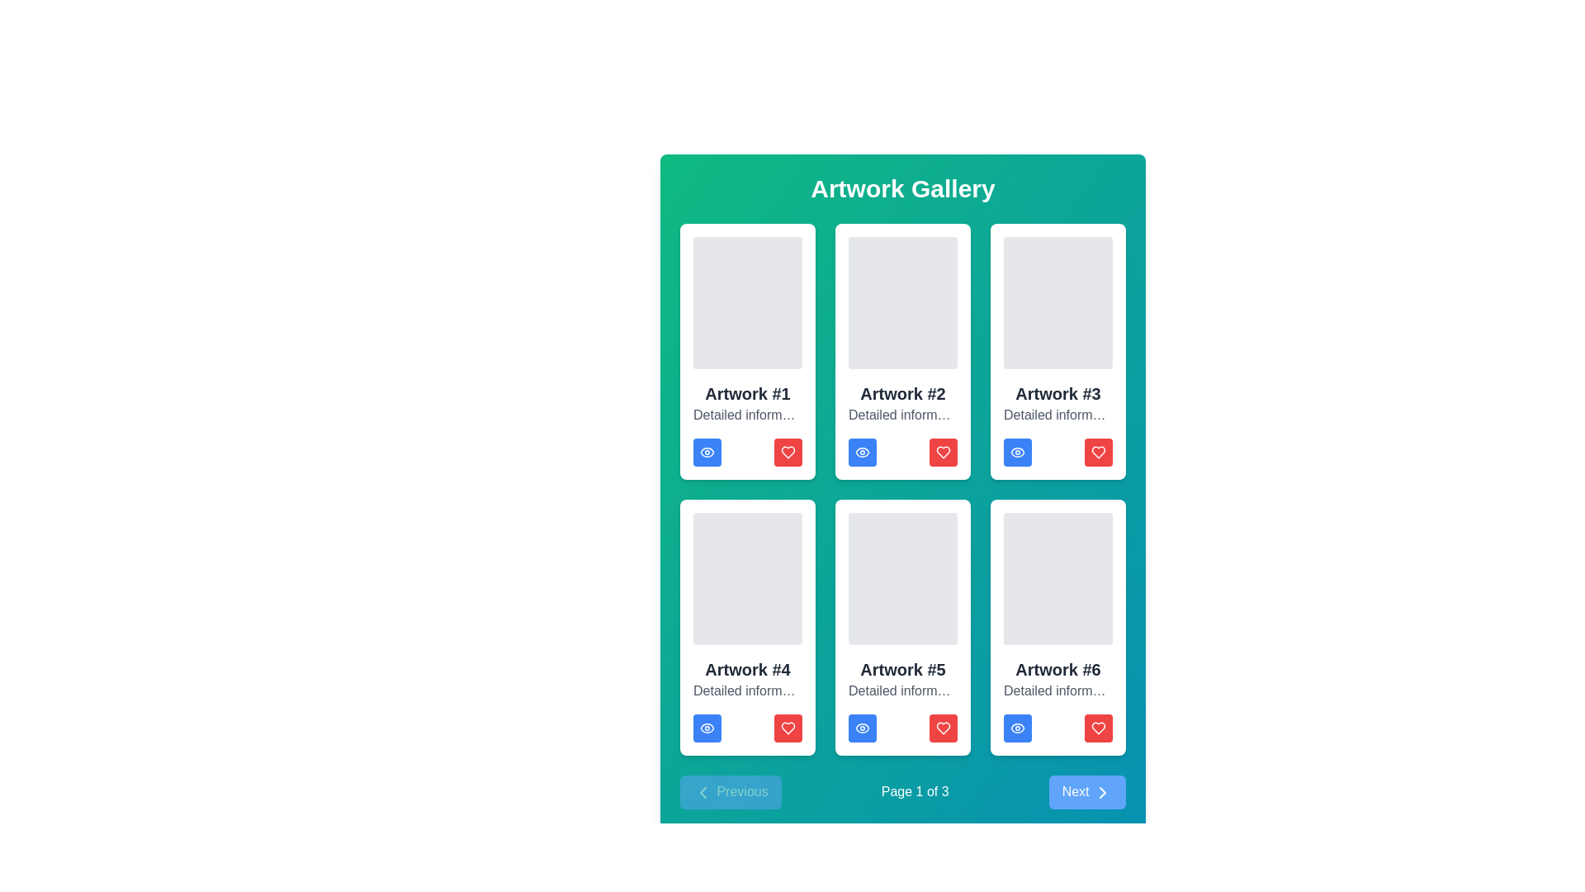  I want to click on the 'View' button located in the third card of the first row, positioned to the left of the red heart-shaped favorite button, to observe its hover effect, so click(1017, 452).